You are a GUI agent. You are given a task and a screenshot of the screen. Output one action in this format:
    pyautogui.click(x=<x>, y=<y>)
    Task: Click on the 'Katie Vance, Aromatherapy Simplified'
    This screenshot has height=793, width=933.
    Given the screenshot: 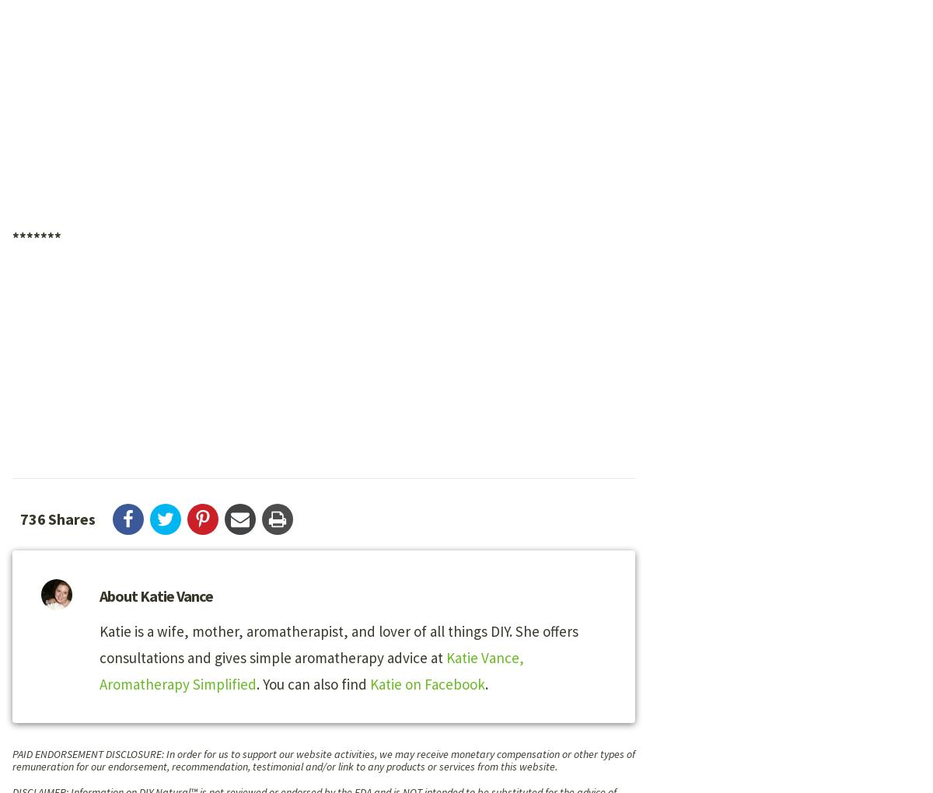 What is the action you would take?
    pyautogui.click(x=312, y=670)
    